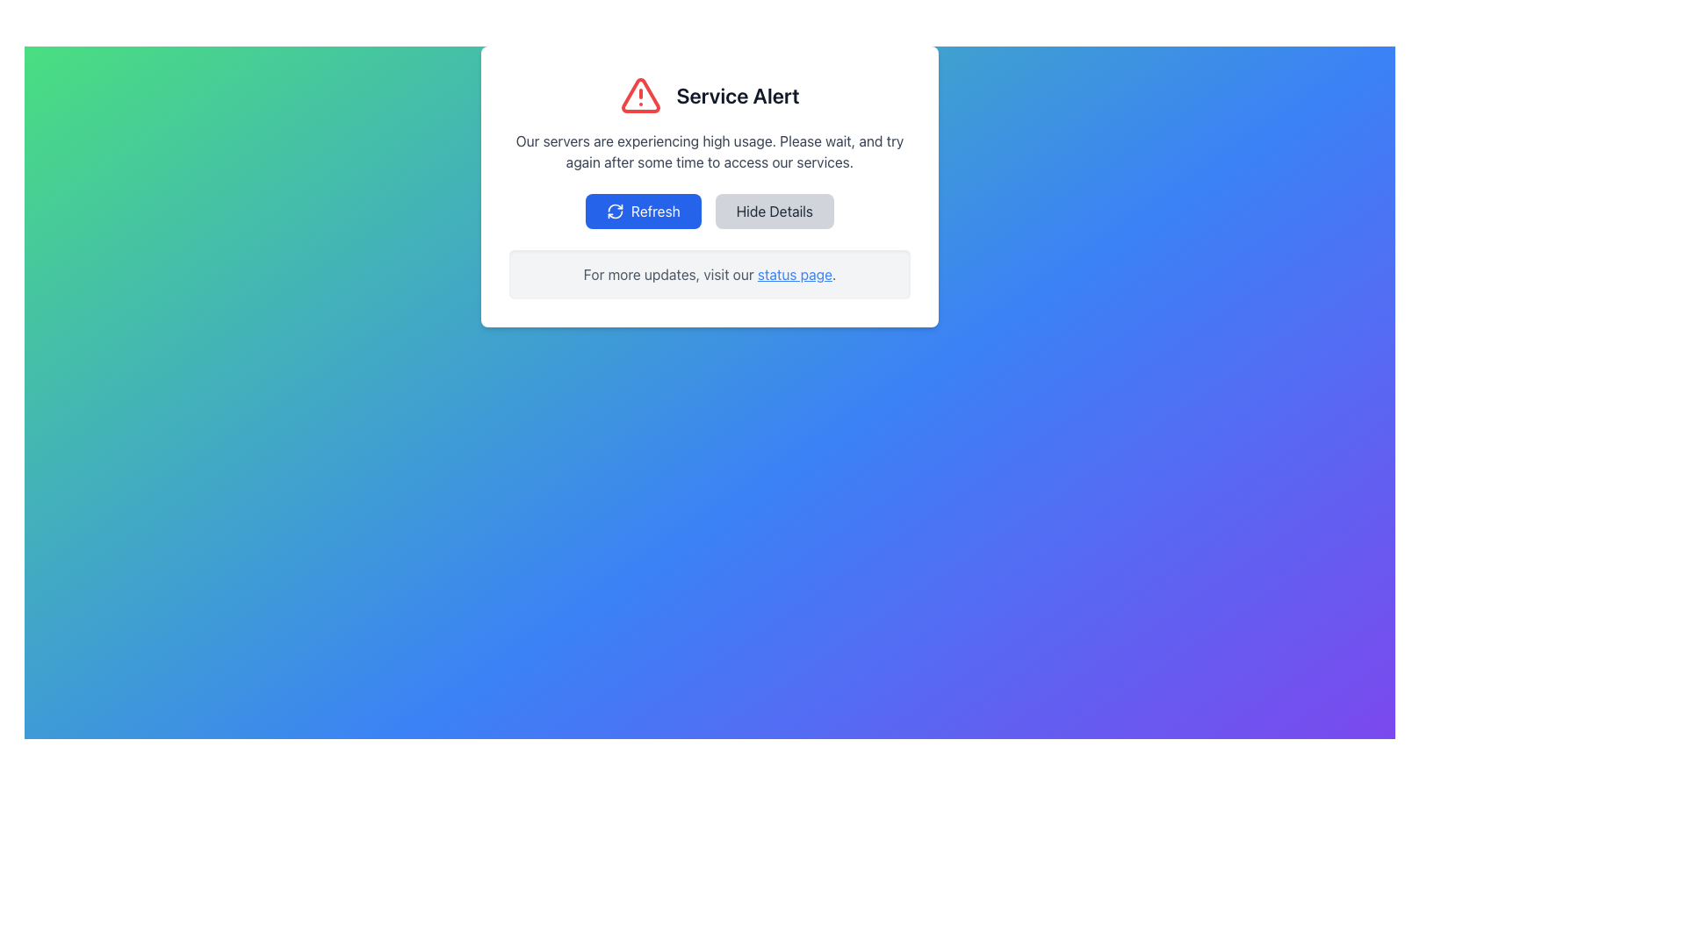 The height and width of the screenshot is (948, 1686). Describe the element at coordinates (710, 151) in the screenshot. I see `message displayed in the centrally aligned gray font within the static text block that states: 'Our servers are experiencing high usage. Please wait, and try again after some time to access our services.'` at that location.